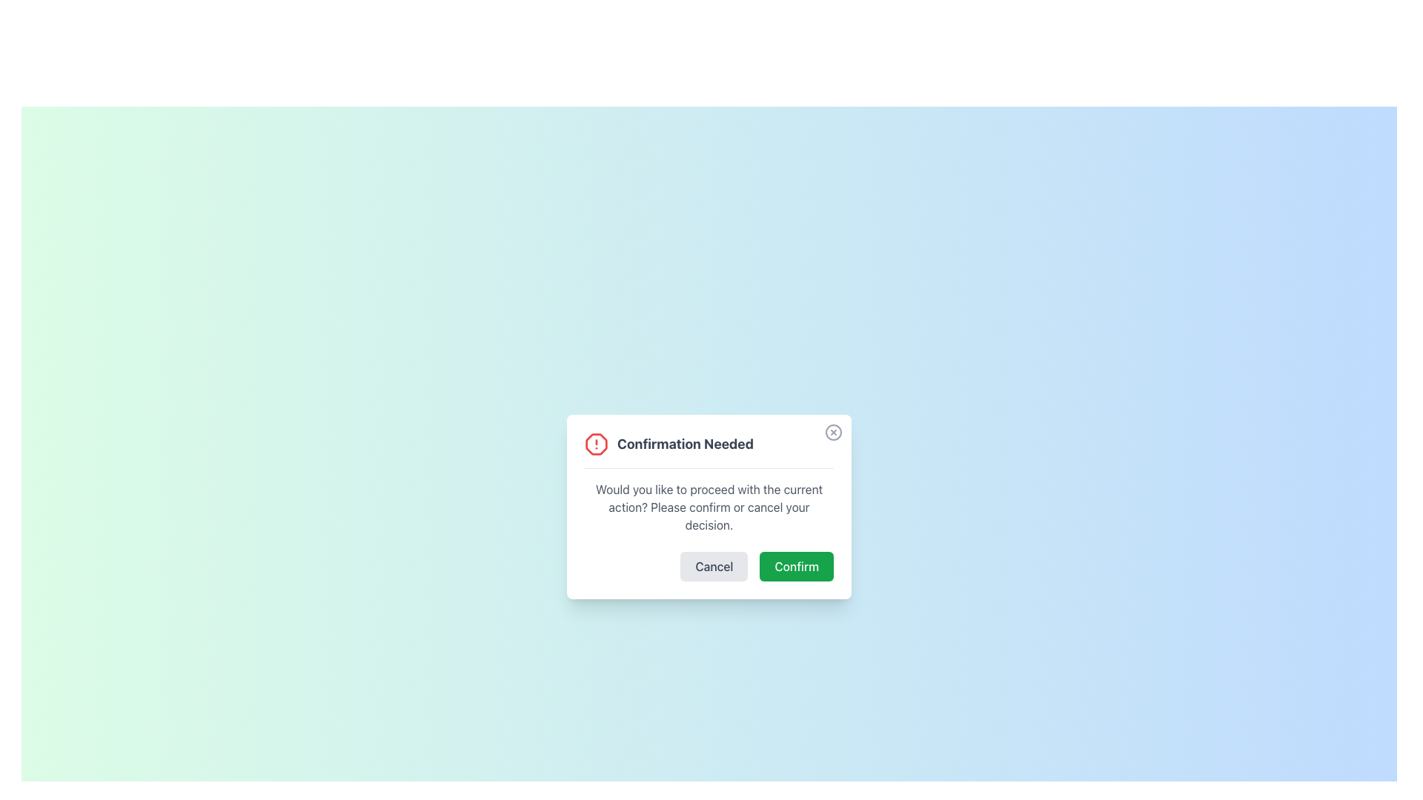 This screenshot has width=1423, height=800. Describe the element at coordinates (796, 566) in the screenshot. I see `the confirm button located at the bottom-right of the modal dialog` at that location.